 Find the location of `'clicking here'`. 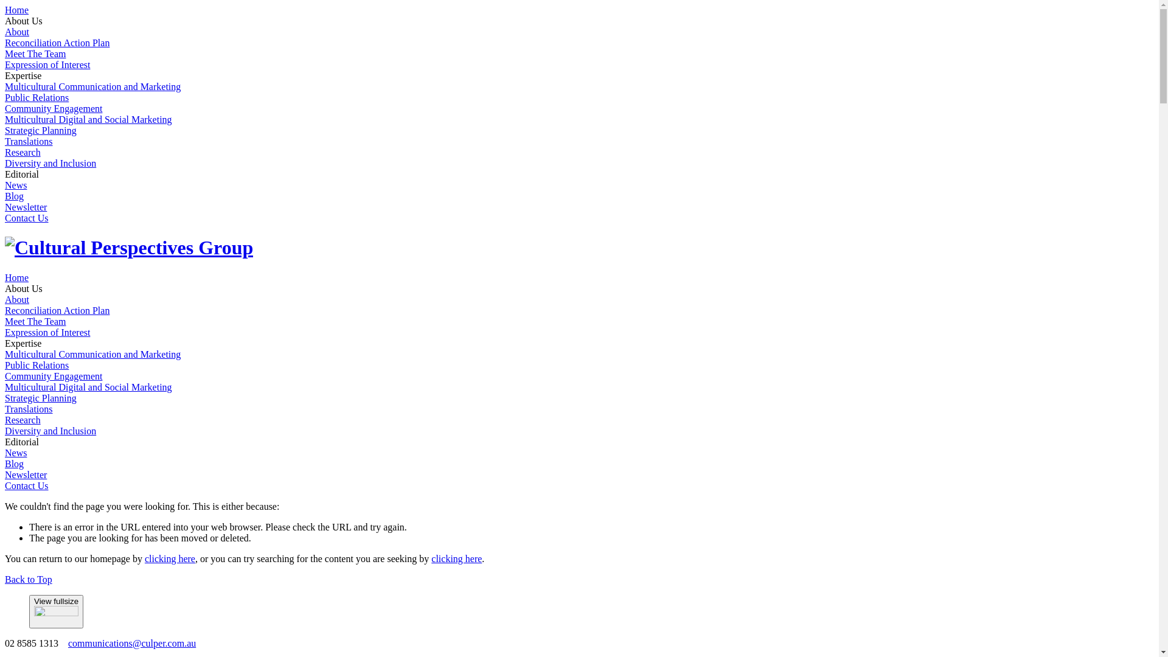

'clicking here' is located at coordinates (145, 558).